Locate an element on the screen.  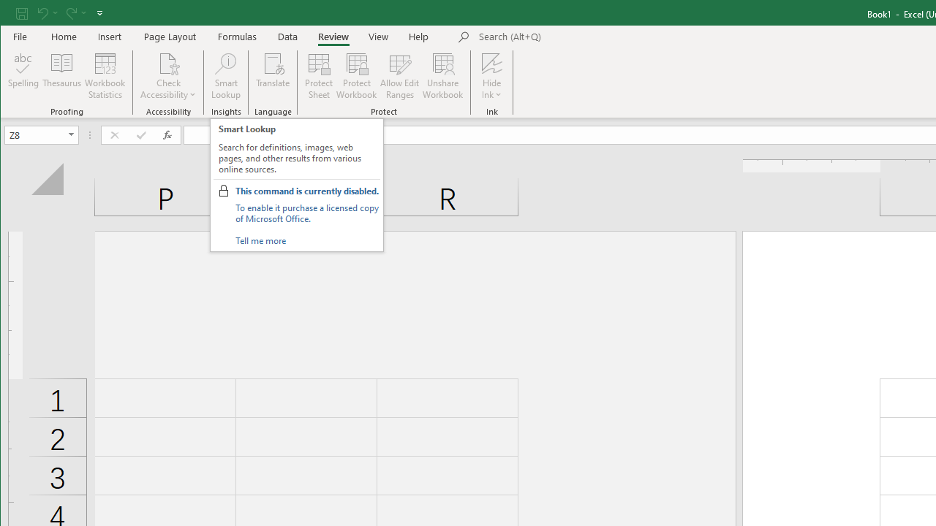
'This command is currently disabled.' is located at coordinates (306, 190).